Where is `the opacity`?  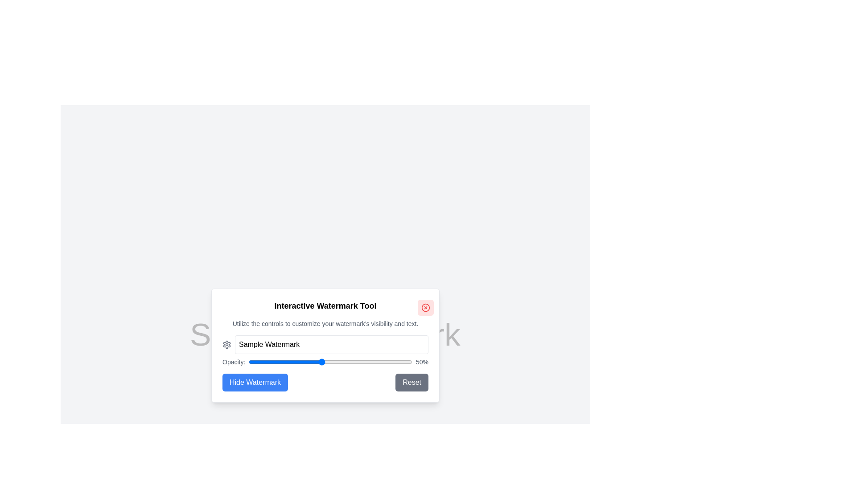 the opacity is located at coordinates (397, 362).